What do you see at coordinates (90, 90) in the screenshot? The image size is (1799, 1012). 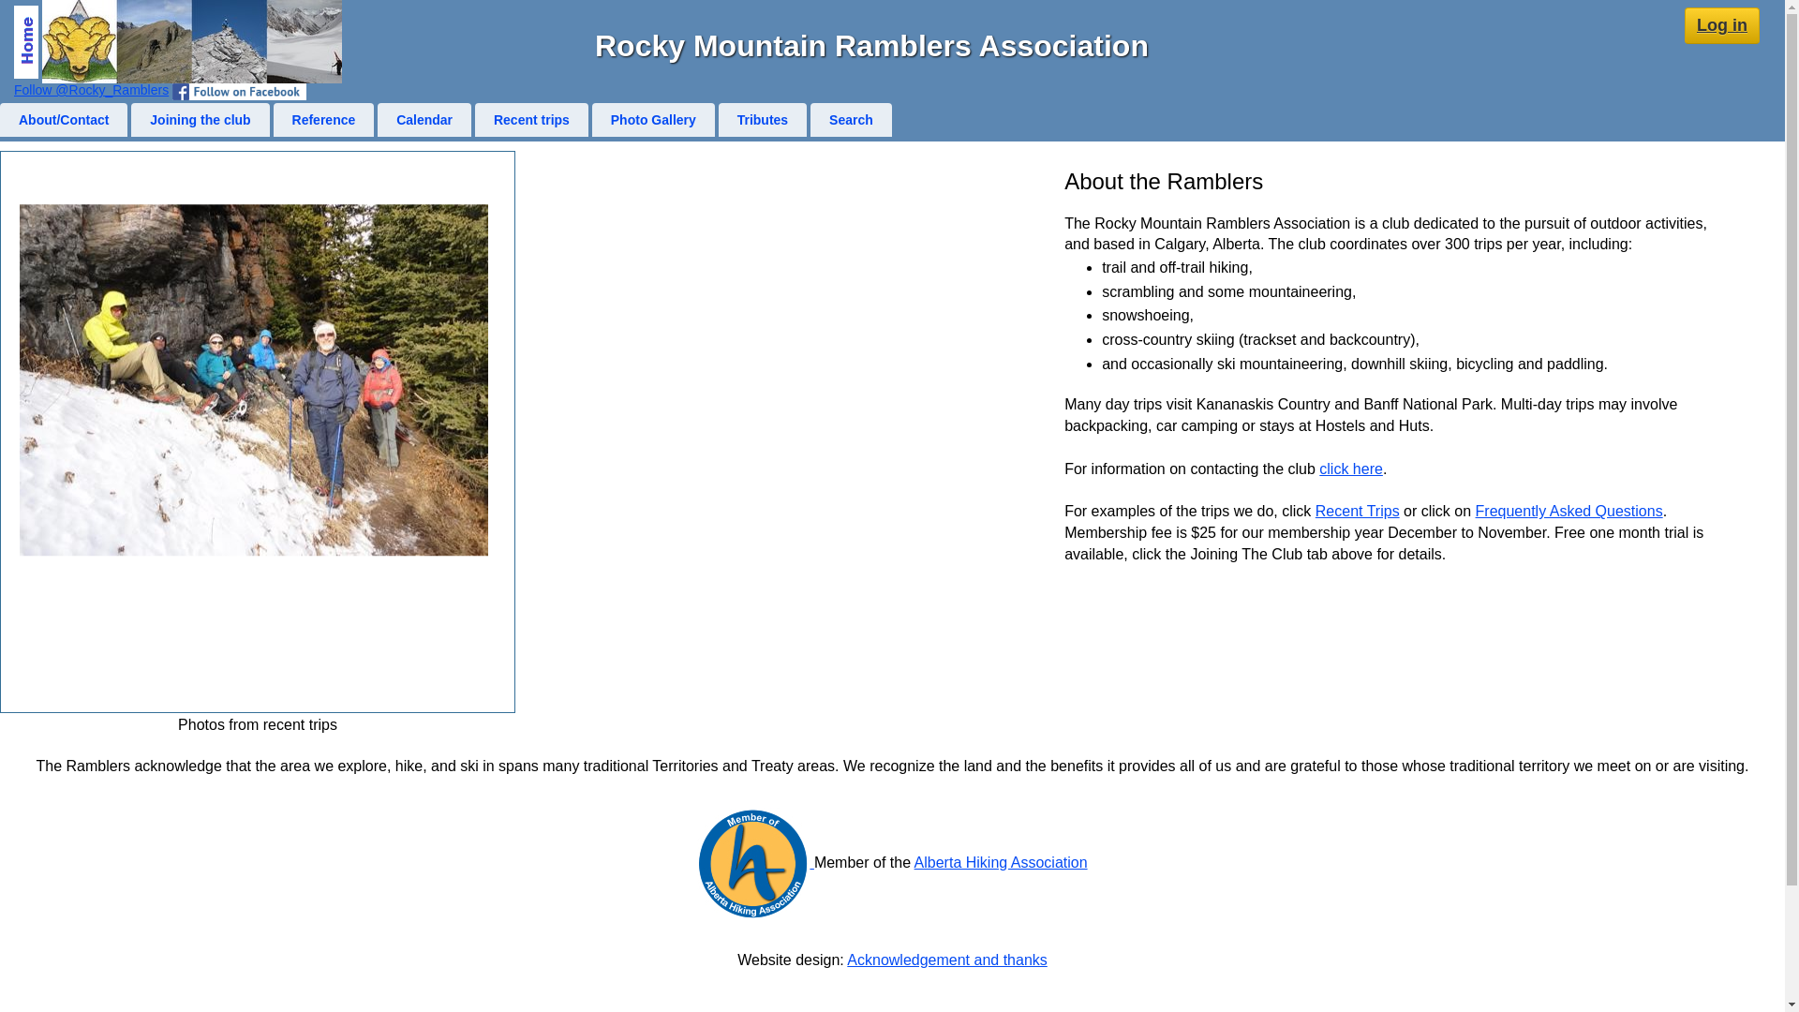 I see `'Follow @Rocky_Ramblers'` at bounding box center [90, 90].